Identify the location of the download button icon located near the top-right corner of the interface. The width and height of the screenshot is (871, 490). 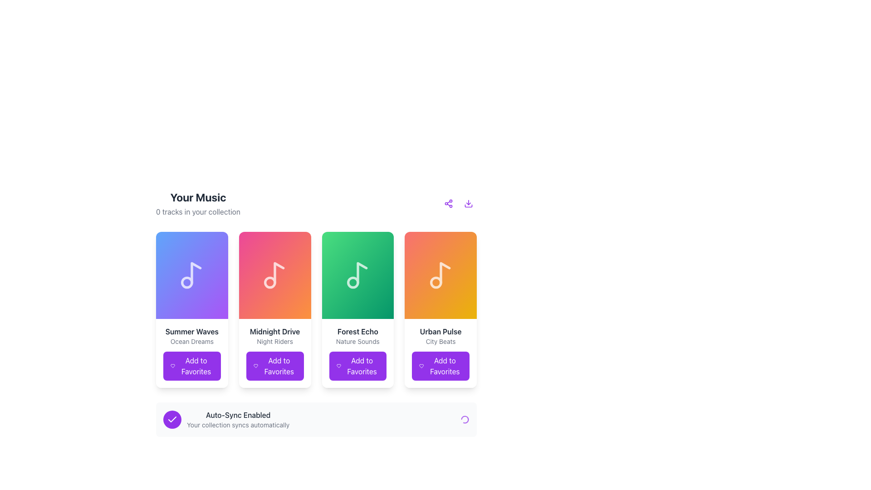
(468, 203).